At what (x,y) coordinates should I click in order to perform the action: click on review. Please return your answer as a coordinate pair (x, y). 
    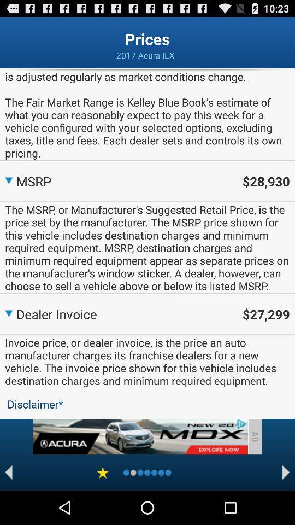
    Looking at the image, I should click on (103, 472).